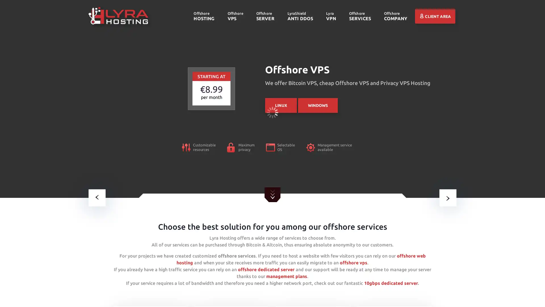 Image resolution: width=545 pixels, height=307 pixels. Describe the element at coordinates (97, 197) in the screenshot. I see `Previous slide` at that location.